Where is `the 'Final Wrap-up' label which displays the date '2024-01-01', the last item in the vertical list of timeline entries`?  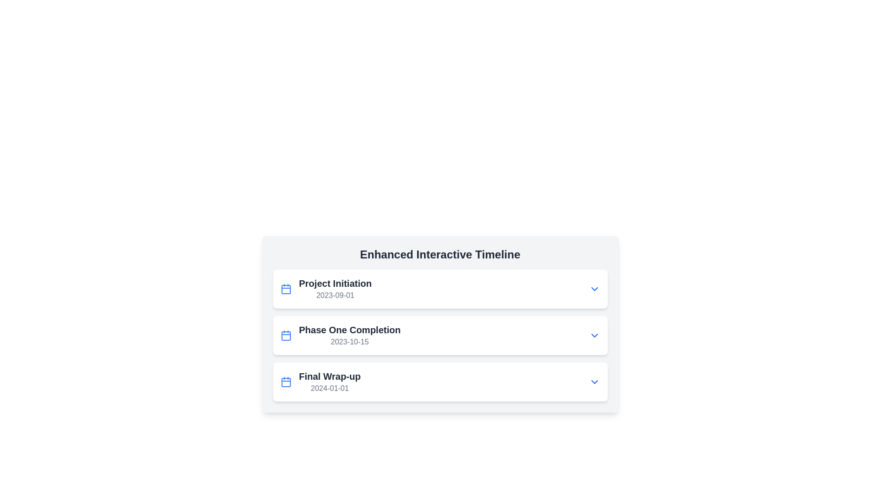
the 'Final Wrap-up' label which displays the date '2024-01-01', the last item in the vertical list of timeline entries is located at coordinates (330, 382).